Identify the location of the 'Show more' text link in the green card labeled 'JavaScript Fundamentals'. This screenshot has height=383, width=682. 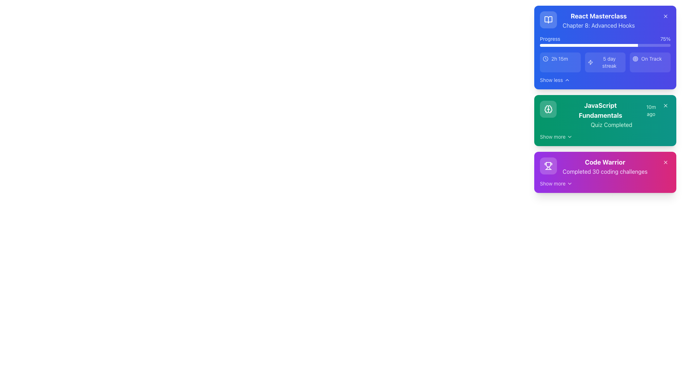
(552, 137).